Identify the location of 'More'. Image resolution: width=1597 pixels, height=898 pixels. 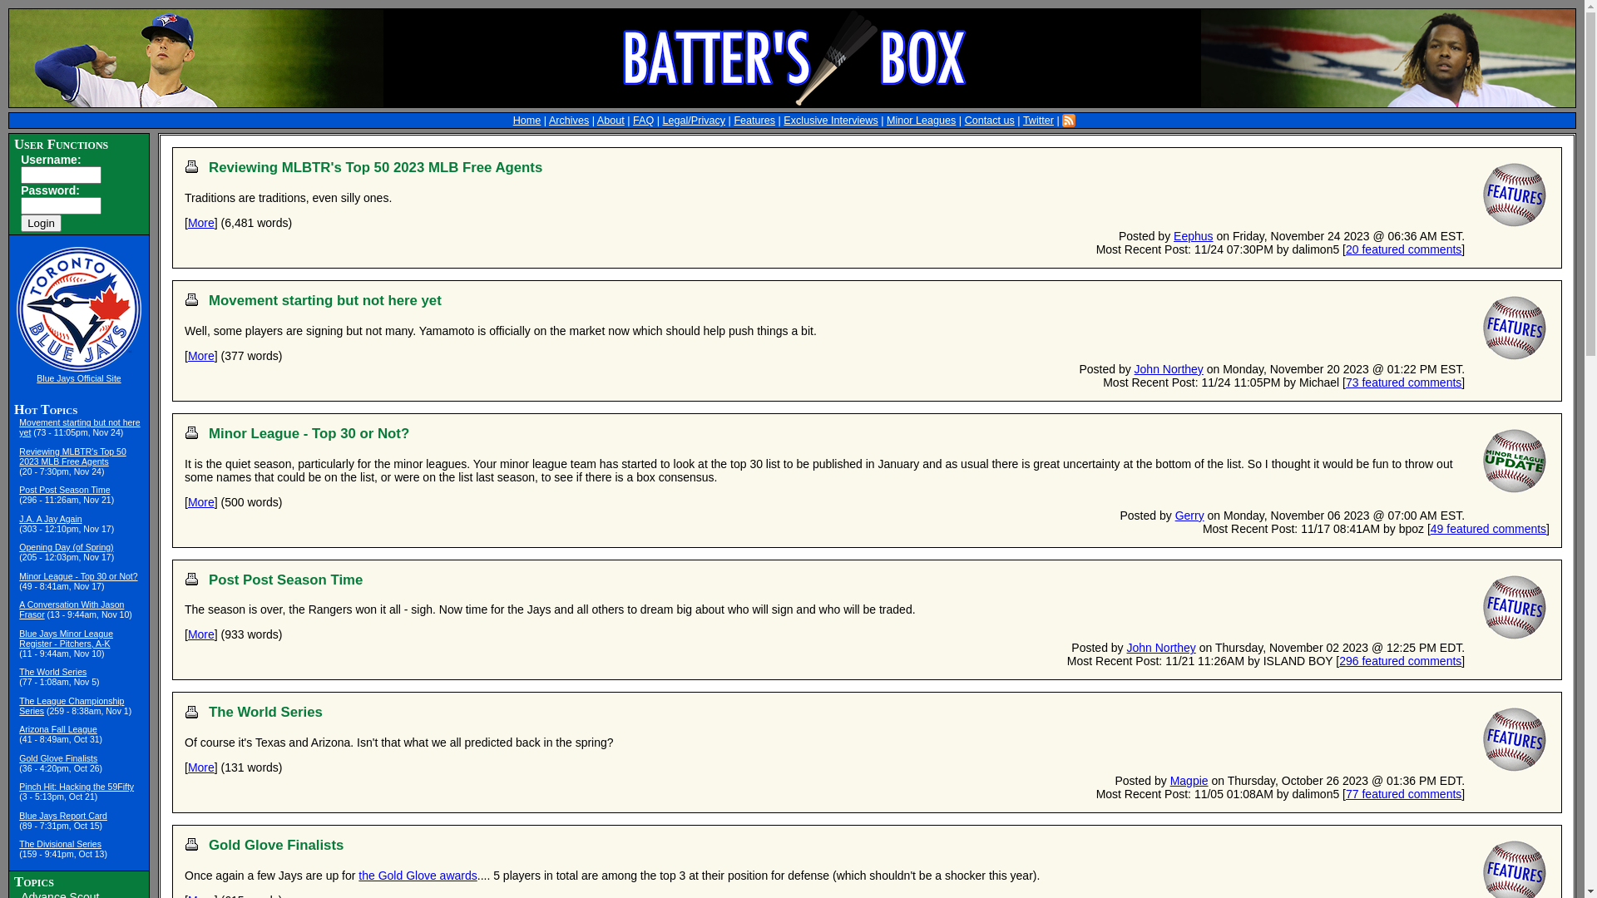
(187, 221).